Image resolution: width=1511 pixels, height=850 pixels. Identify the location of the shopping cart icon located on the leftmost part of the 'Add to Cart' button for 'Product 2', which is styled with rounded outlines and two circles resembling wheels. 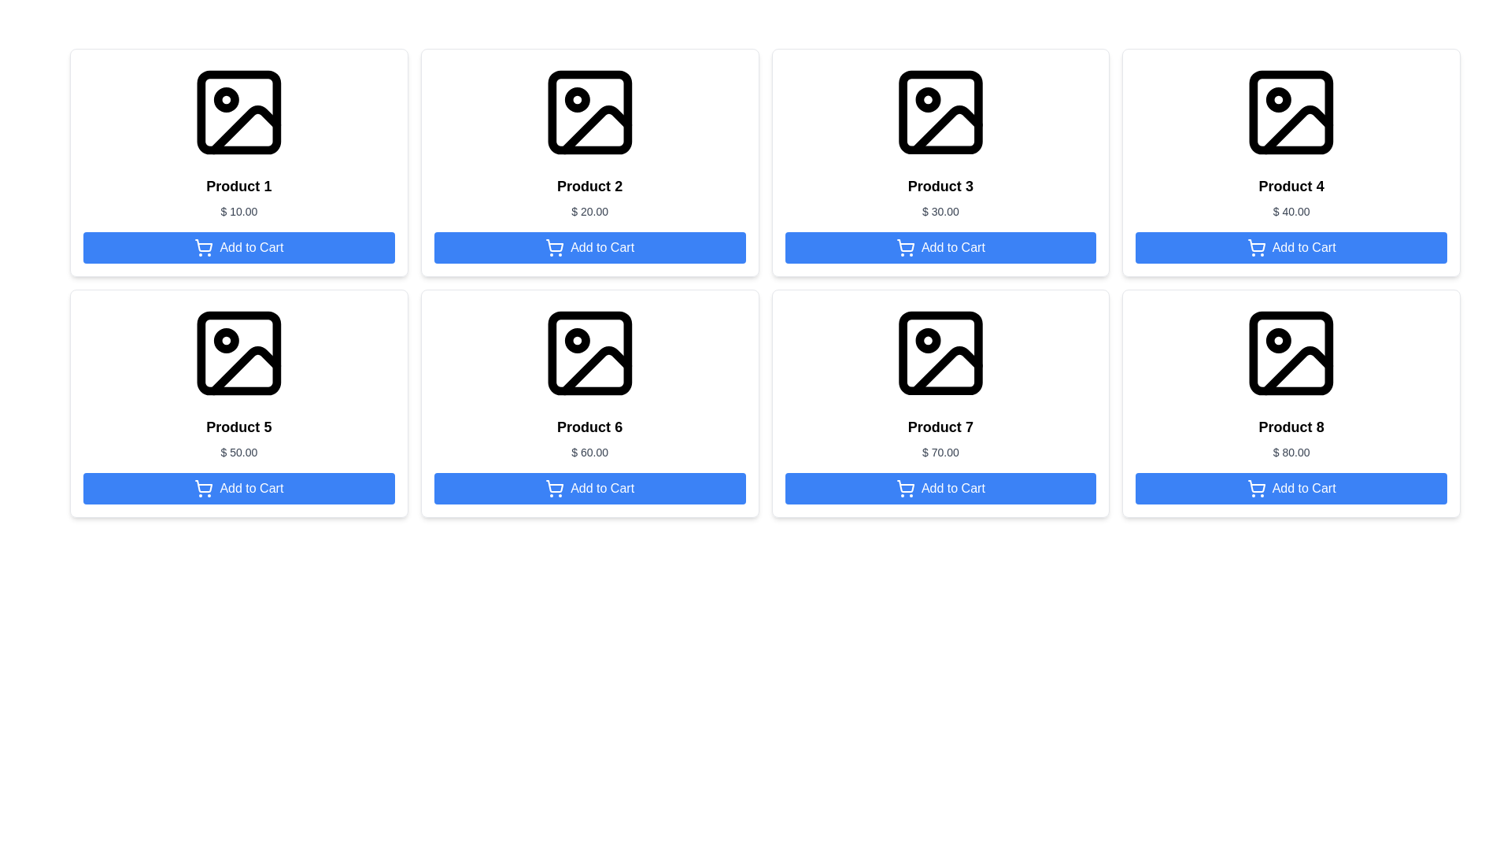
(555, 248).